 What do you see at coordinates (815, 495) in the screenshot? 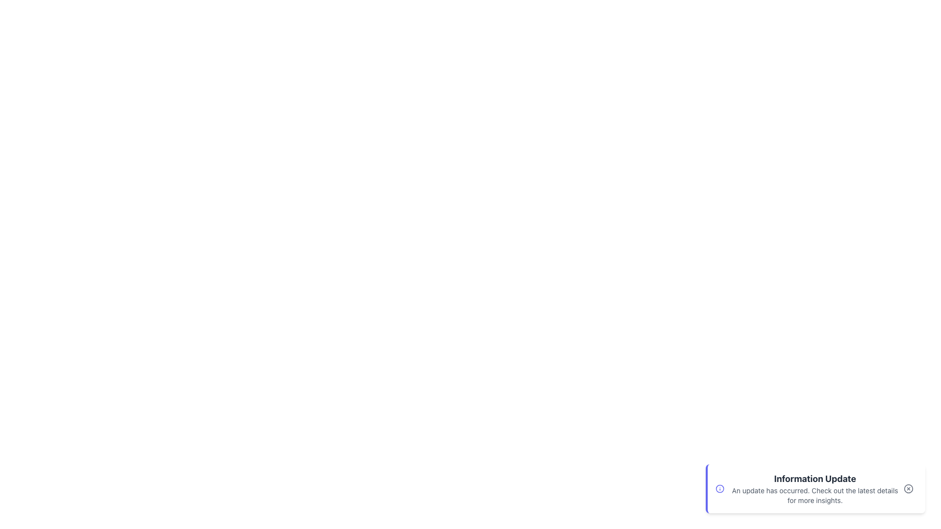
I see `text in the Text Block located at the bottom of the notification popup, directly below the heading 'Information Update'` at bounding box center [815, 495].